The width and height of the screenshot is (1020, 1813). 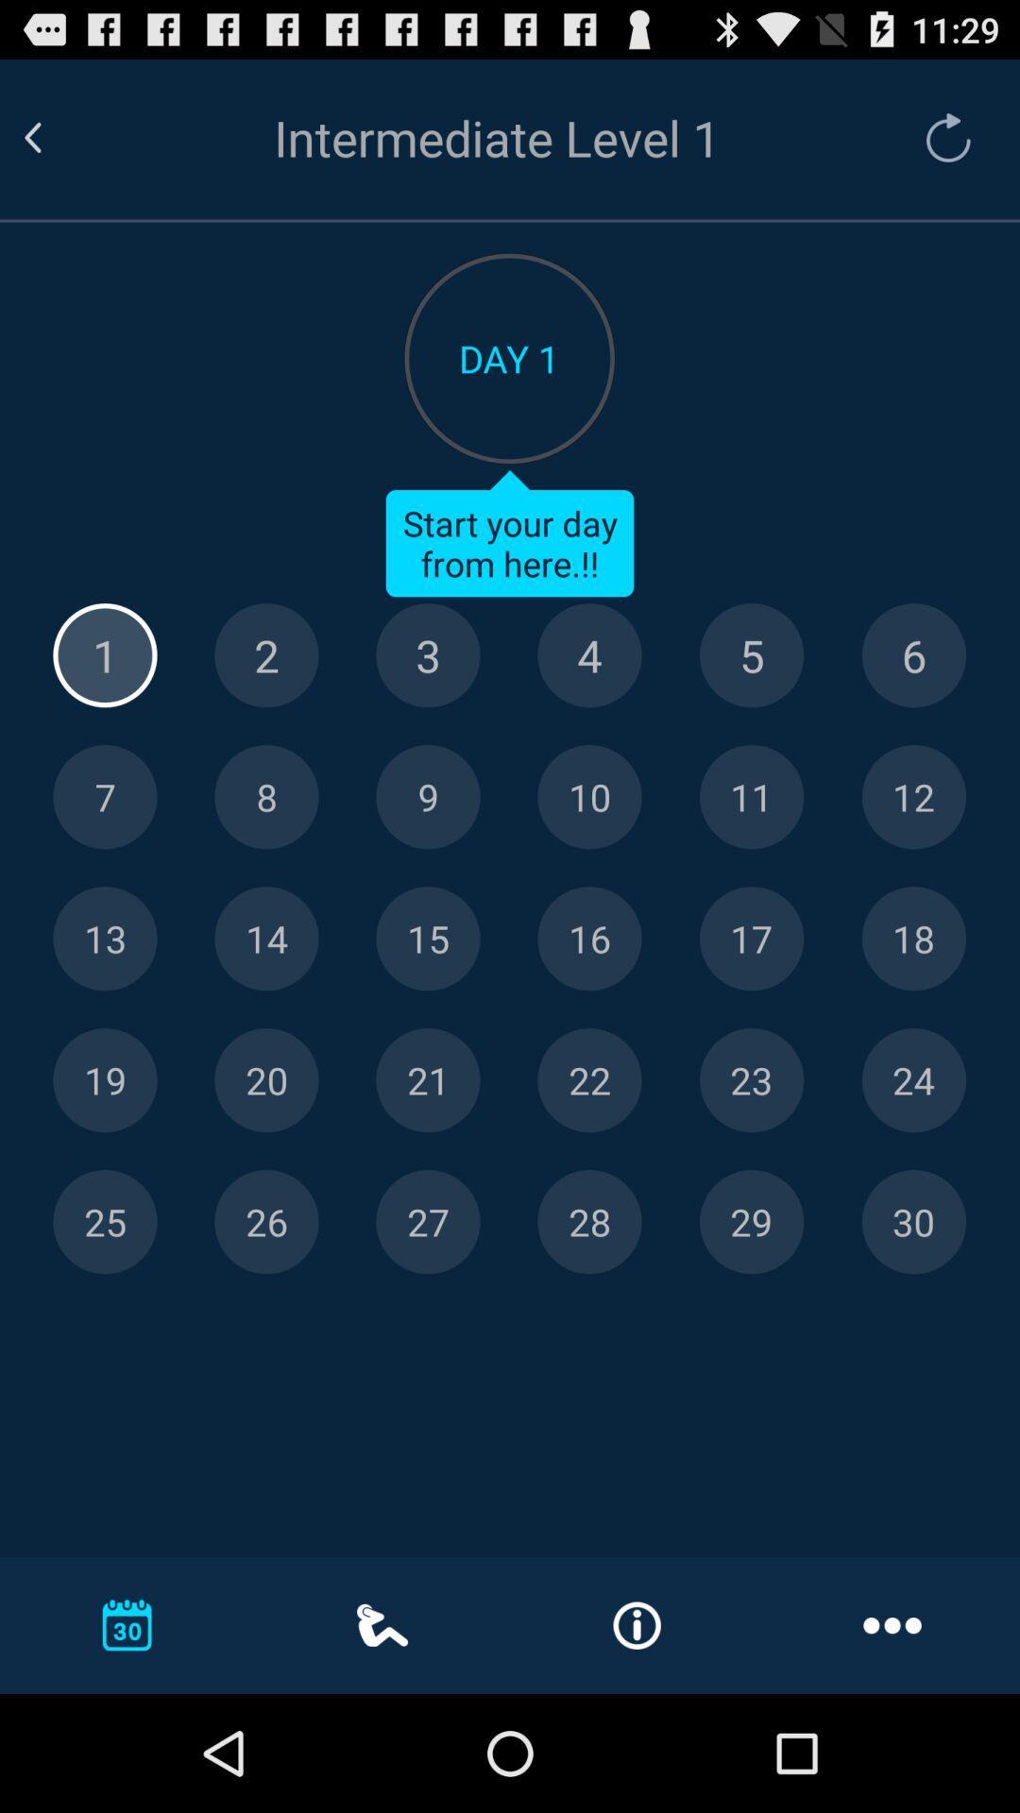 I want to click on day 6, so click(x=912, y=655).